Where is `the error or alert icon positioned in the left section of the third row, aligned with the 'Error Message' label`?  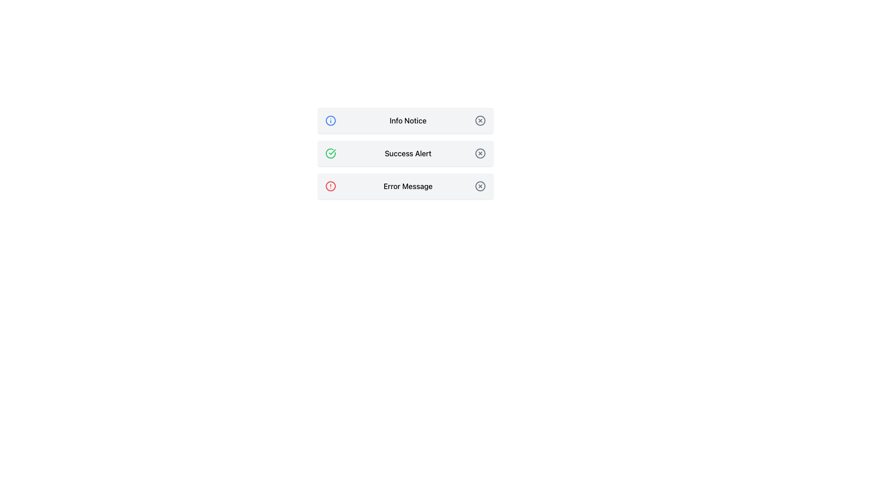
the error or alert icon positioned in the left section of the third row, aligned with the 'Error Message' label is located at coordinates (330, 185).